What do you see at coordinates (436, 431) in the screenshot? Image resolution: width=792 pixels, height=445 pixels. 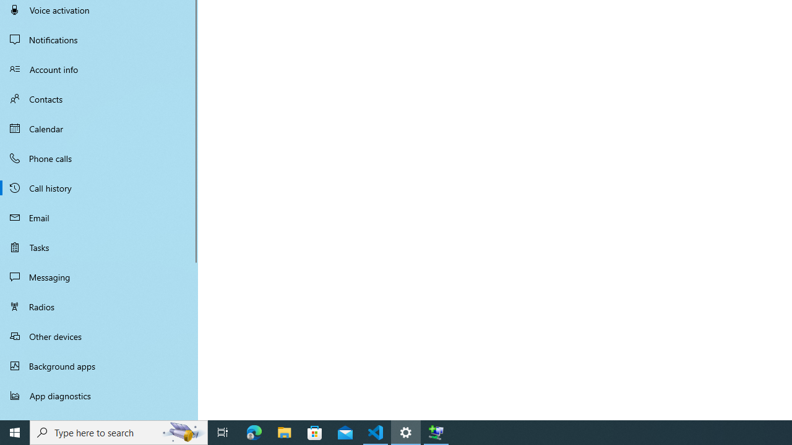 I see `'Extensible Wizards Host Process - 1 running window'` at bounding box center [436, 431].